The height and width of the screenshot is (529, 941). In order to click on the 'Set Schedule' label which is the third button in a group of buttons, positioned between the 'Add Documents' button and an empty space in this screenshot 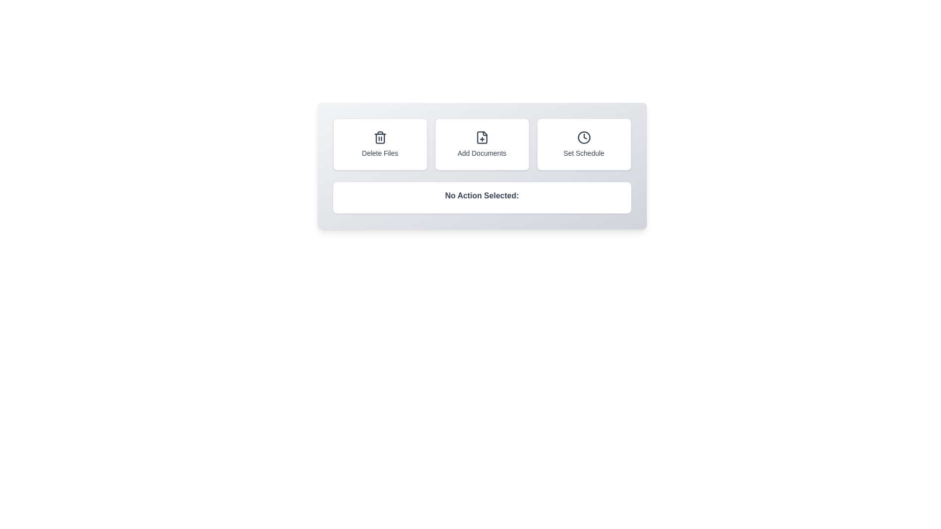, I will do `click(584, 153)`.